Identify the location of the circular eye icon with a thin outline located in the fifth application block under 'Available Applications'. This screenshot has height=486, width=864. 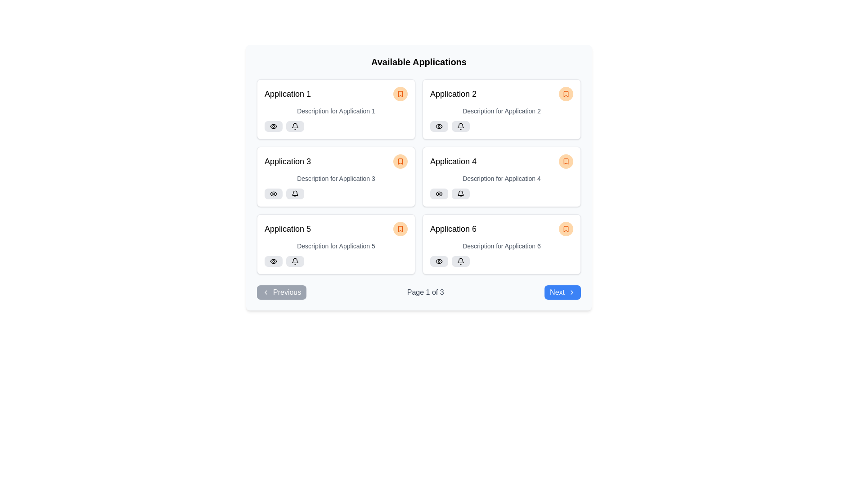
(273, 261).